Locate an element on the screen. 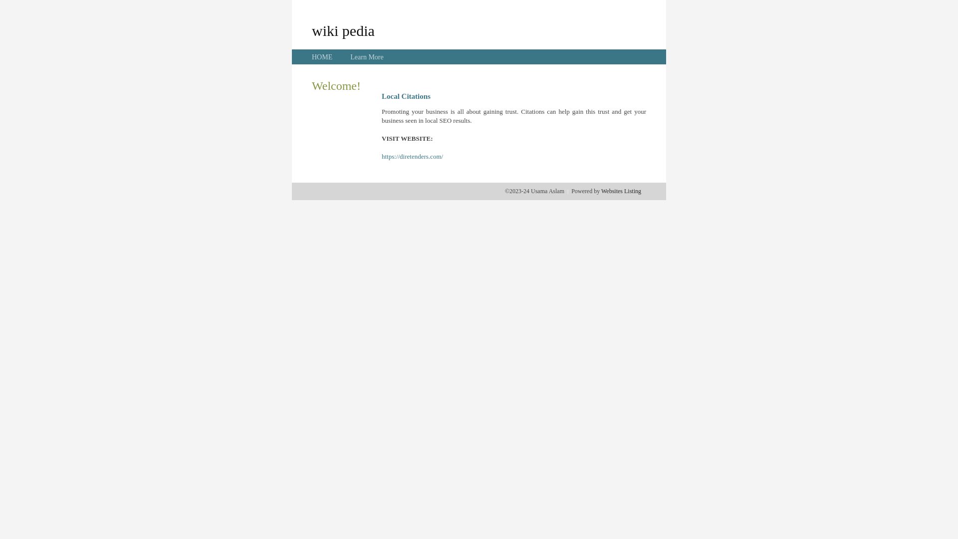  'wiki pedia' is located at coordinates (311, 30).